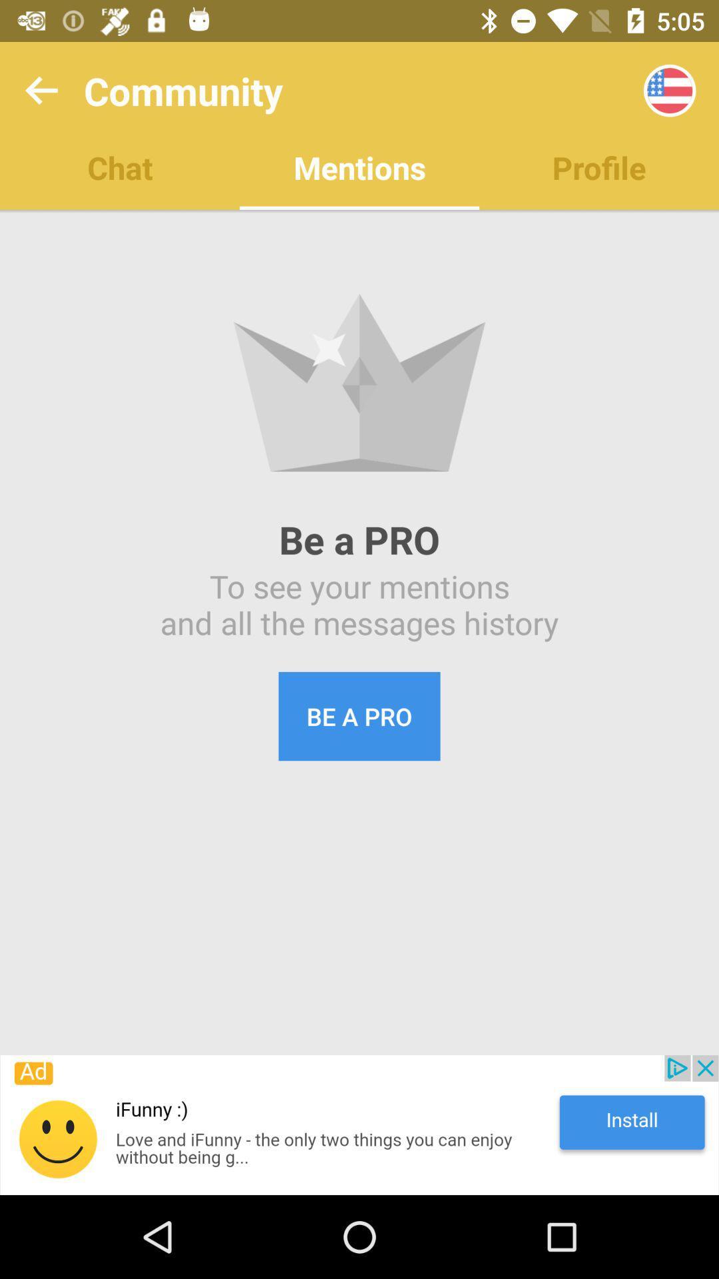 The height and width of the screenshot is (1279, 719). I want to click on install app, so click(359, 1124).